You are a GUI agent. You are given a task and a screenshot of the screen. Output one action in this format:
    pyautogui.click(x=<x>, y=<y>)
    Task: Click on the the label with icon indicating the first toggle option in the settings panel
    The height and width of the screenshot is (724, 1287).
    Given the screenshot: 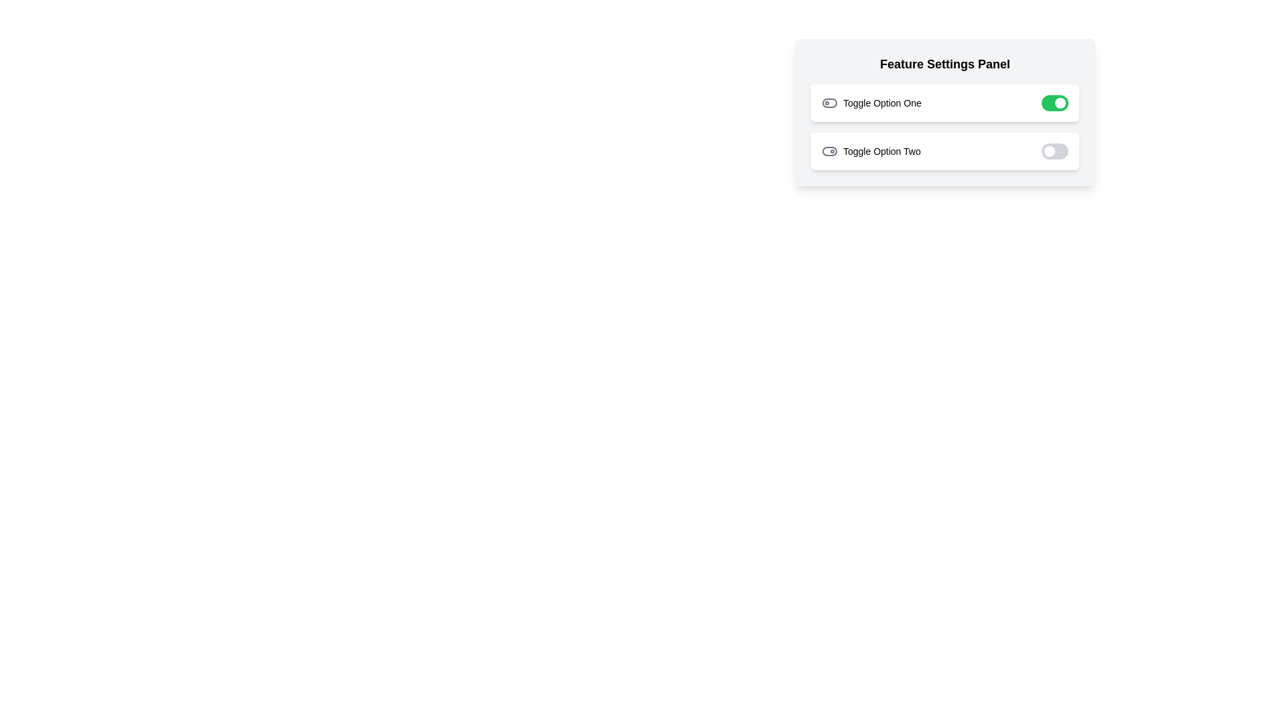 What is the action you would take?
    pyautogui.click(x=871, y=103)
    